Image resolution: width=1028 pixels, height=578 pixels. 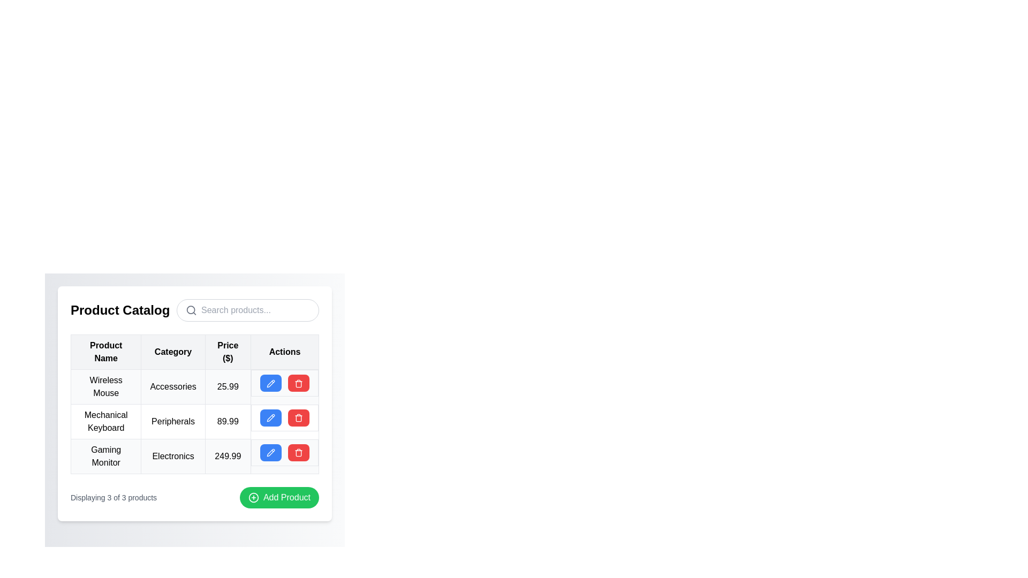 I want to click on the text label displaying the category of the product 'Gaming Monitor' in the second cell of the 'Category' column of the table, so click(x=173, y=456).